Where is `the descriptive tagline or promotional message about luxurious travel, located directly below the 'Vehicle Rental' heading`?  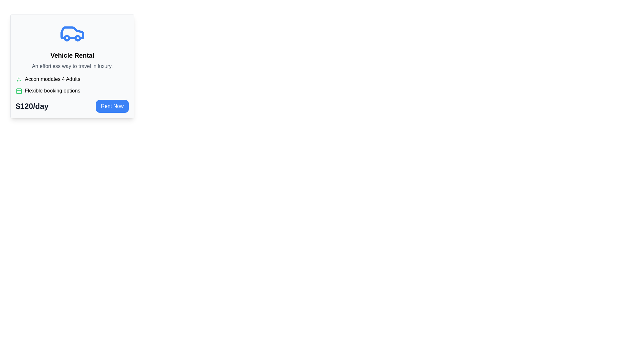 the descriptive tagline or promotional message about luxurious travel, located directly below the 'Vehicle Rental' heading is located at coordinates (72, 66).